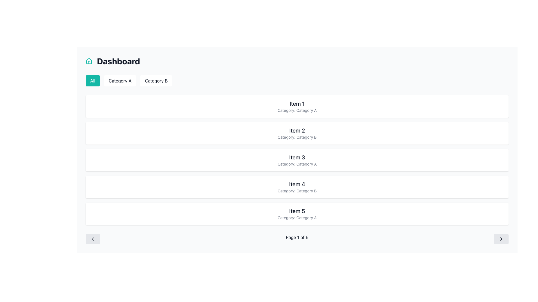 The width and height of the screenshot is (538, 302). Describe the element at coordinates (297, 137) in the screenshot. I see `the text label that displays 'Category: Category B', which is located below the title 'Item 2' in the second card of the central section of the page` at that location.